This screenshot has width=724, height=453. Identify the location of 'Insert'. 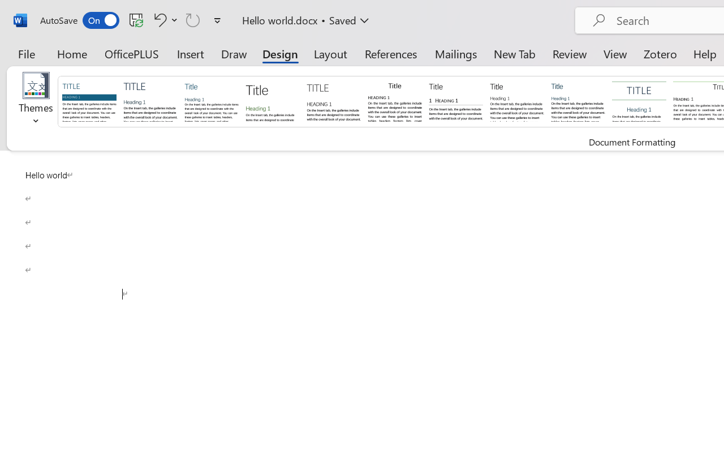
(191, 53).